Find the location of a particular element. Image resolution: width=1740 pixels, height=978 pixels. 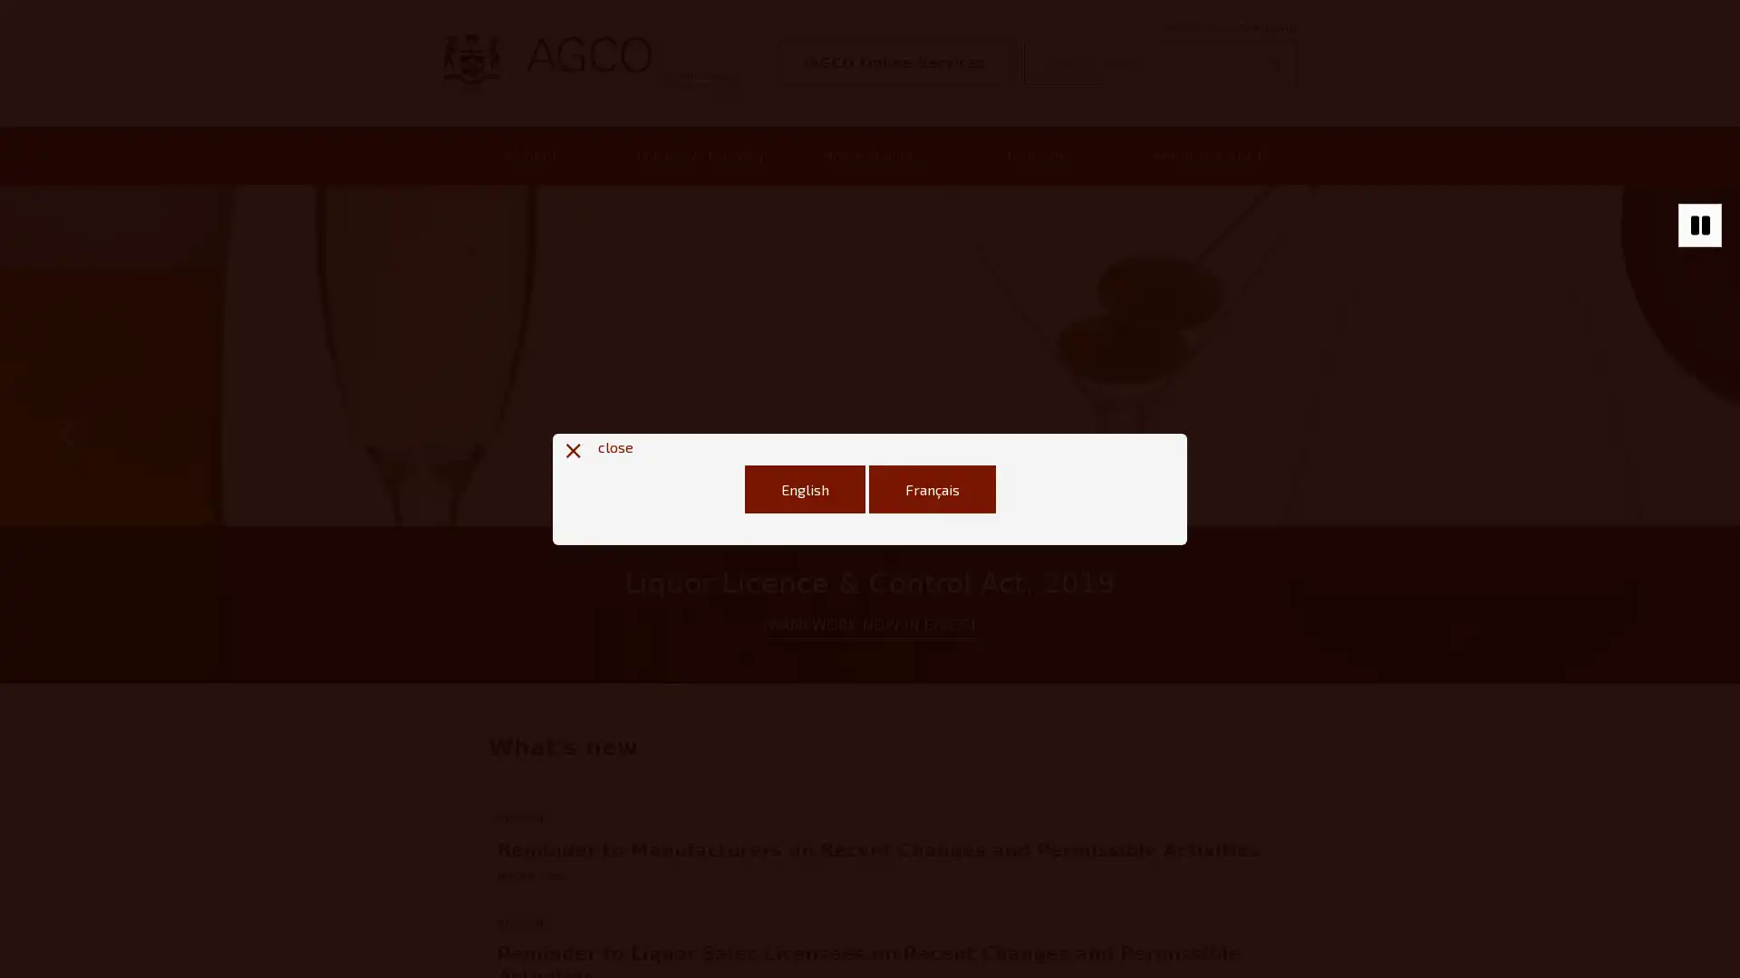

Search is located at coordinates (1273, 62).